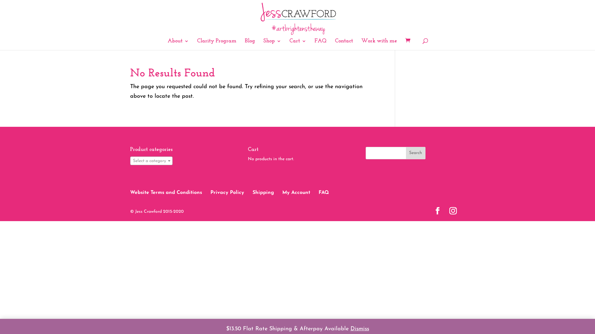 The image size is (595, 334). I want to click on 'Privacy Policy', so click(227, 192).